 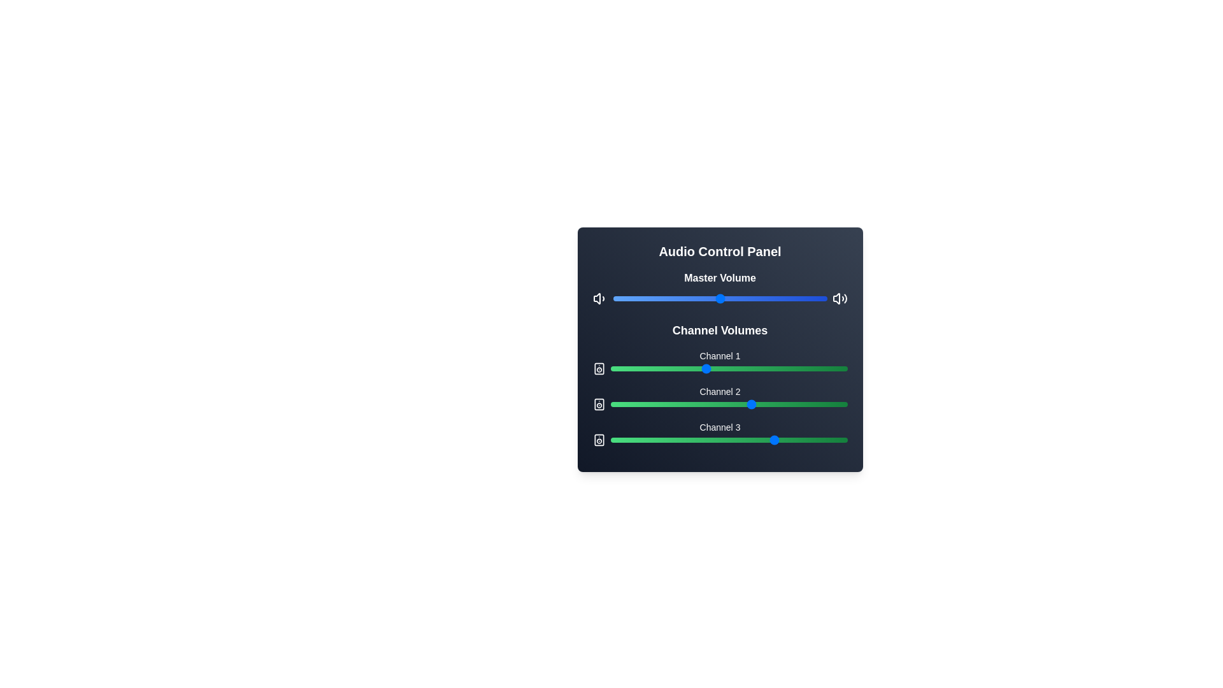 What do you see at coordinates (688, 368) in the screenshot?
I see `the 'Channel 1' volume` at bounding box center [688, 368].